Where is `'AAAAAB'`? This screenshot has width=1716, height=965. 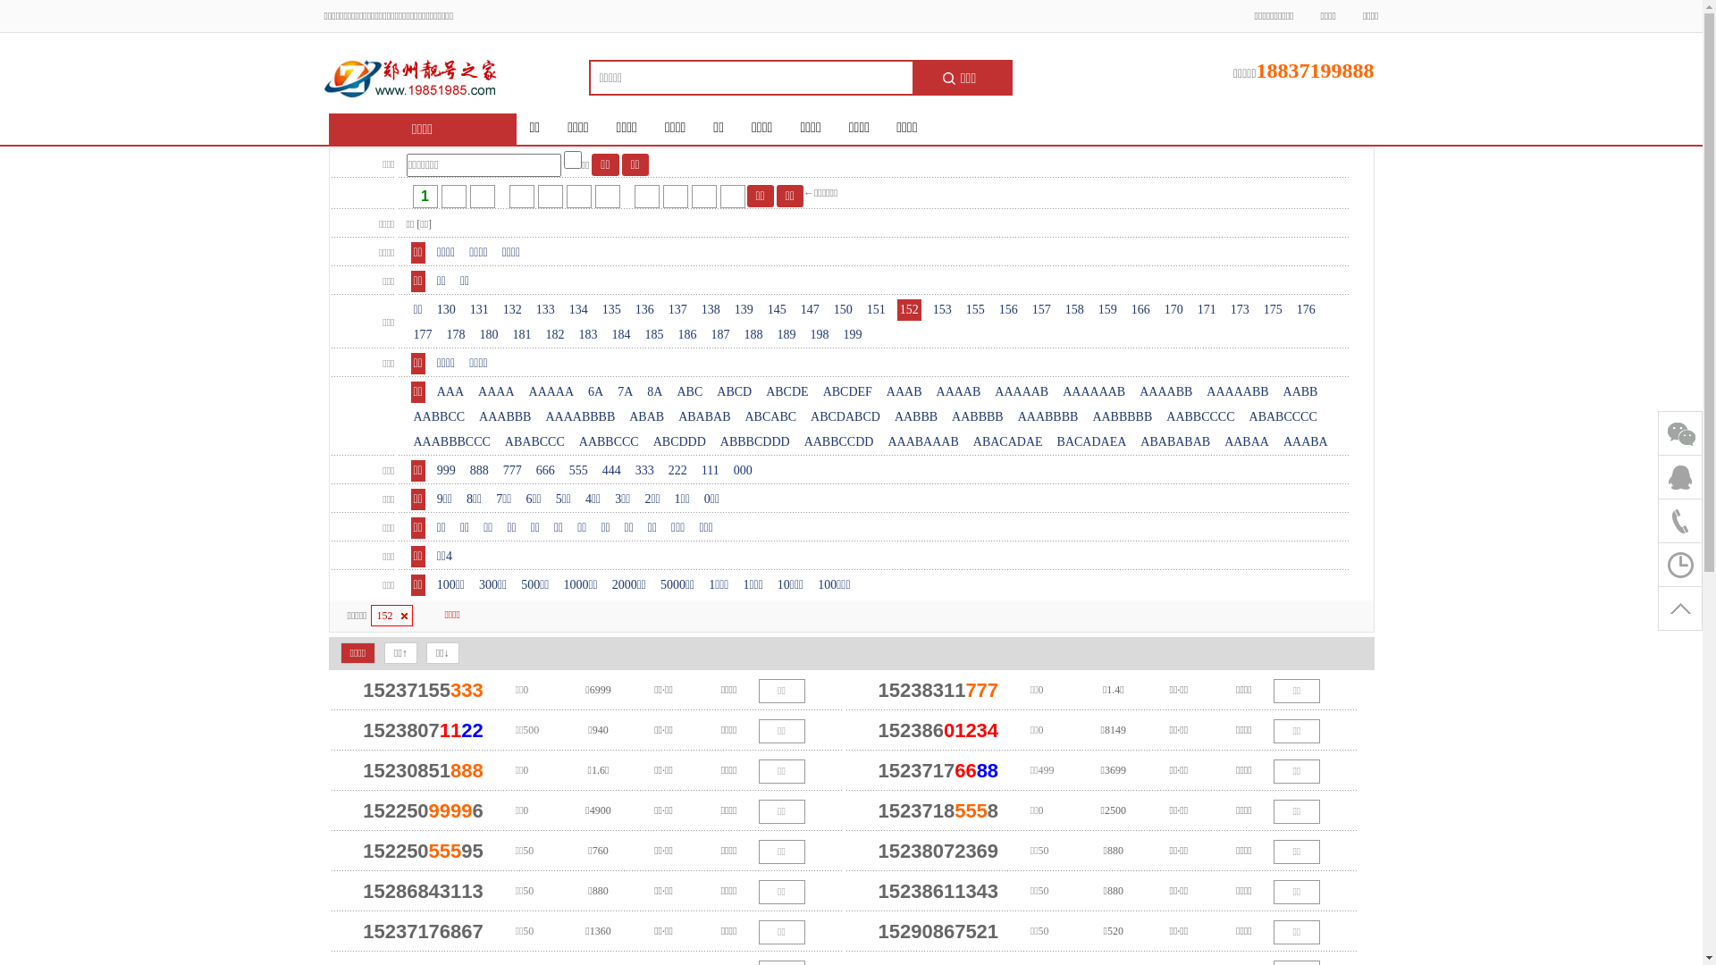 'AAAAAB' is located at coordinates (1021, 391).